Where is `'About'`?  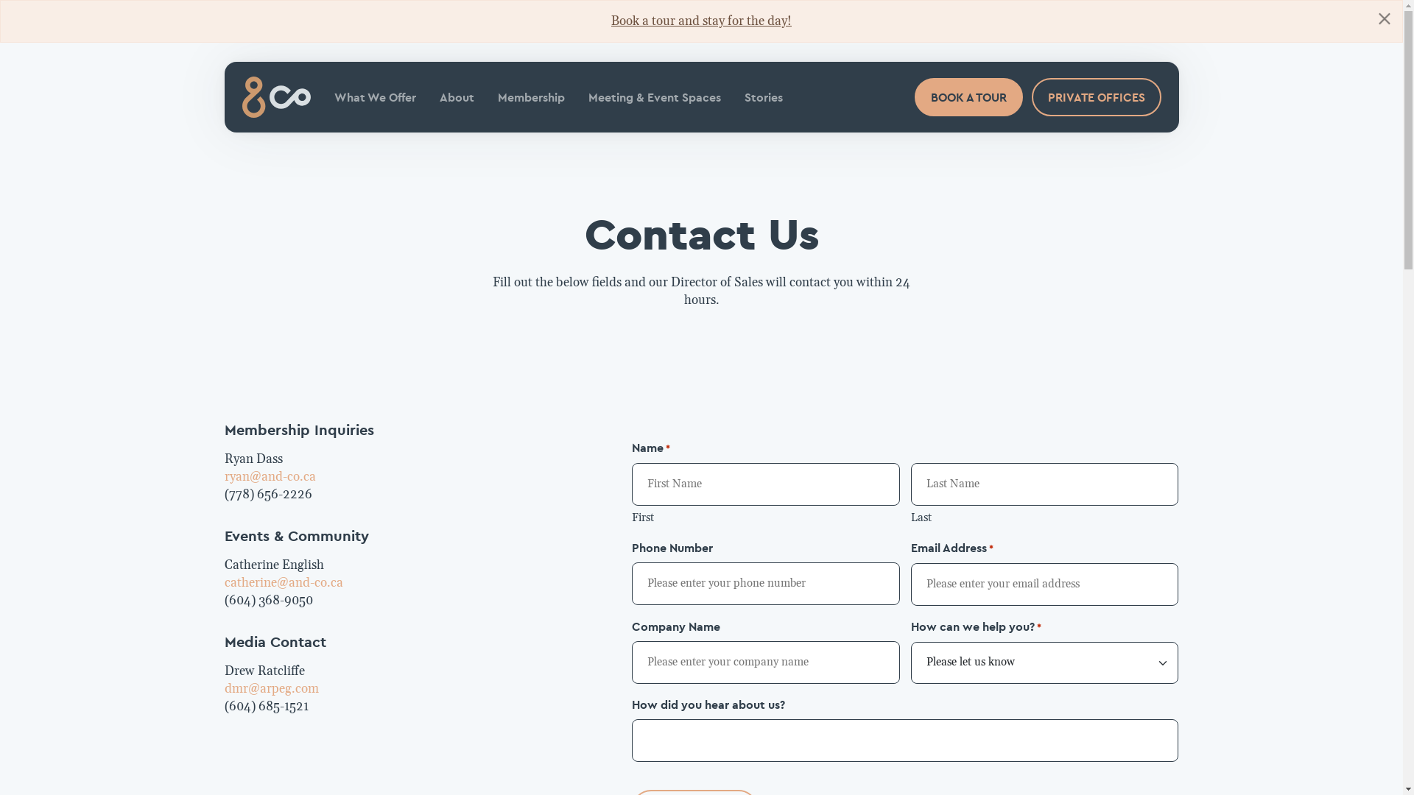 'About' is located at coordinates (456, 96).